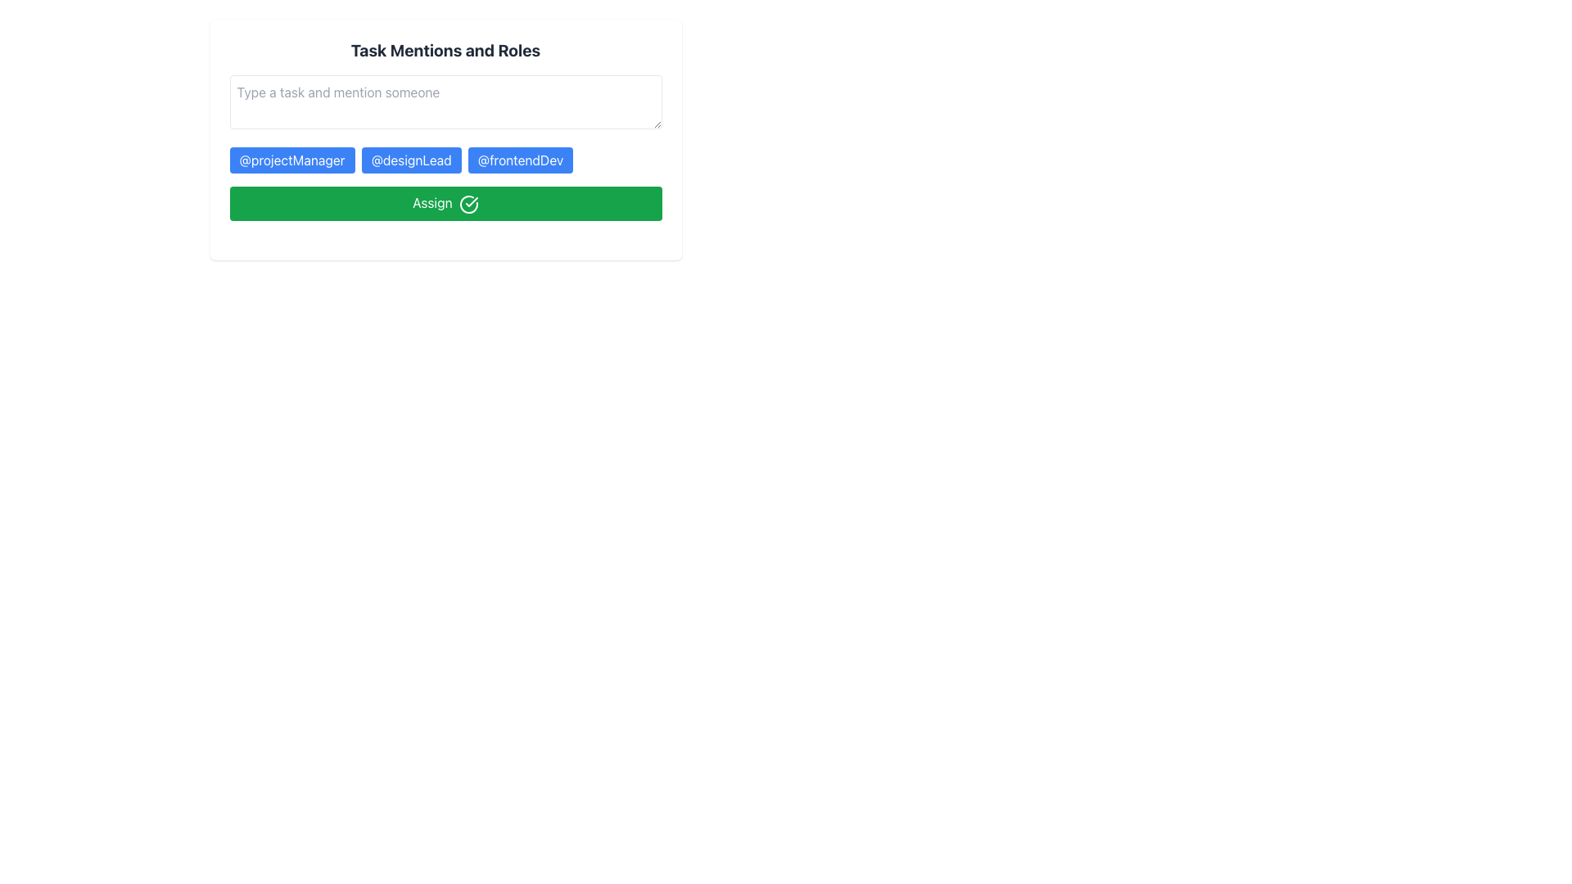 The height and width of the screenshot is (884, 1572). What do you see at coordinates (445, 49) in the screenshot?
I see `the Text Label that serves as a heading for the interface section, providing context to the user about the section below it` at bounding box center [445, 49].